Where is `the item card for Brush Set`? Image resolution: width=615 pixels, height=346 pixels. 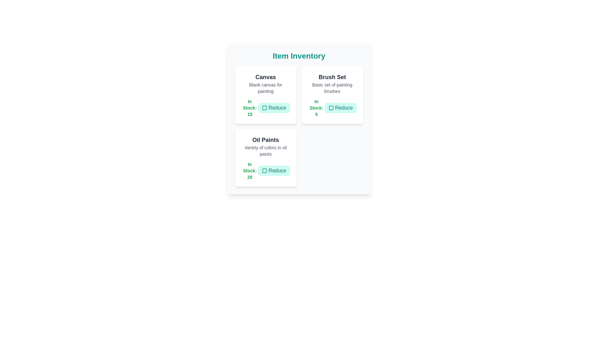 the item card for Brush Set is located at coordinates (332, 95).